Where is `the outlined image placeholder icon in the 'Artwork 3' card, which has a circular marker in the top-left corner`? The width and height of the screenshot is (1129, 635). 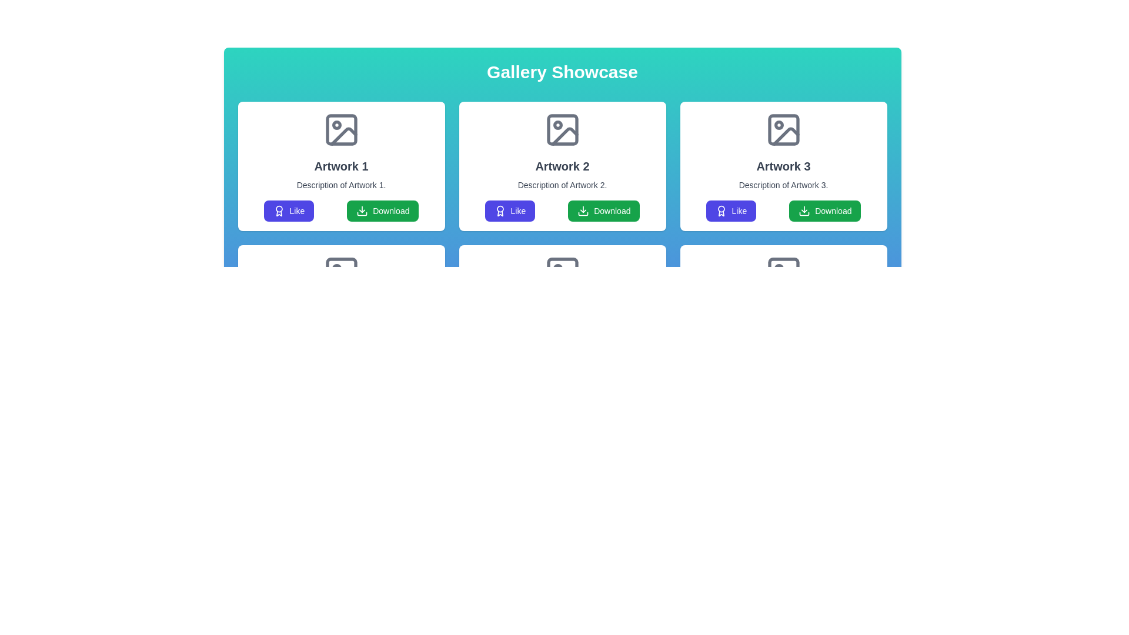
the outlined image placeholder icon in the 'Artwork 3' card, which has a circular marker in the top-left corner is located at coordinates (783, 129).